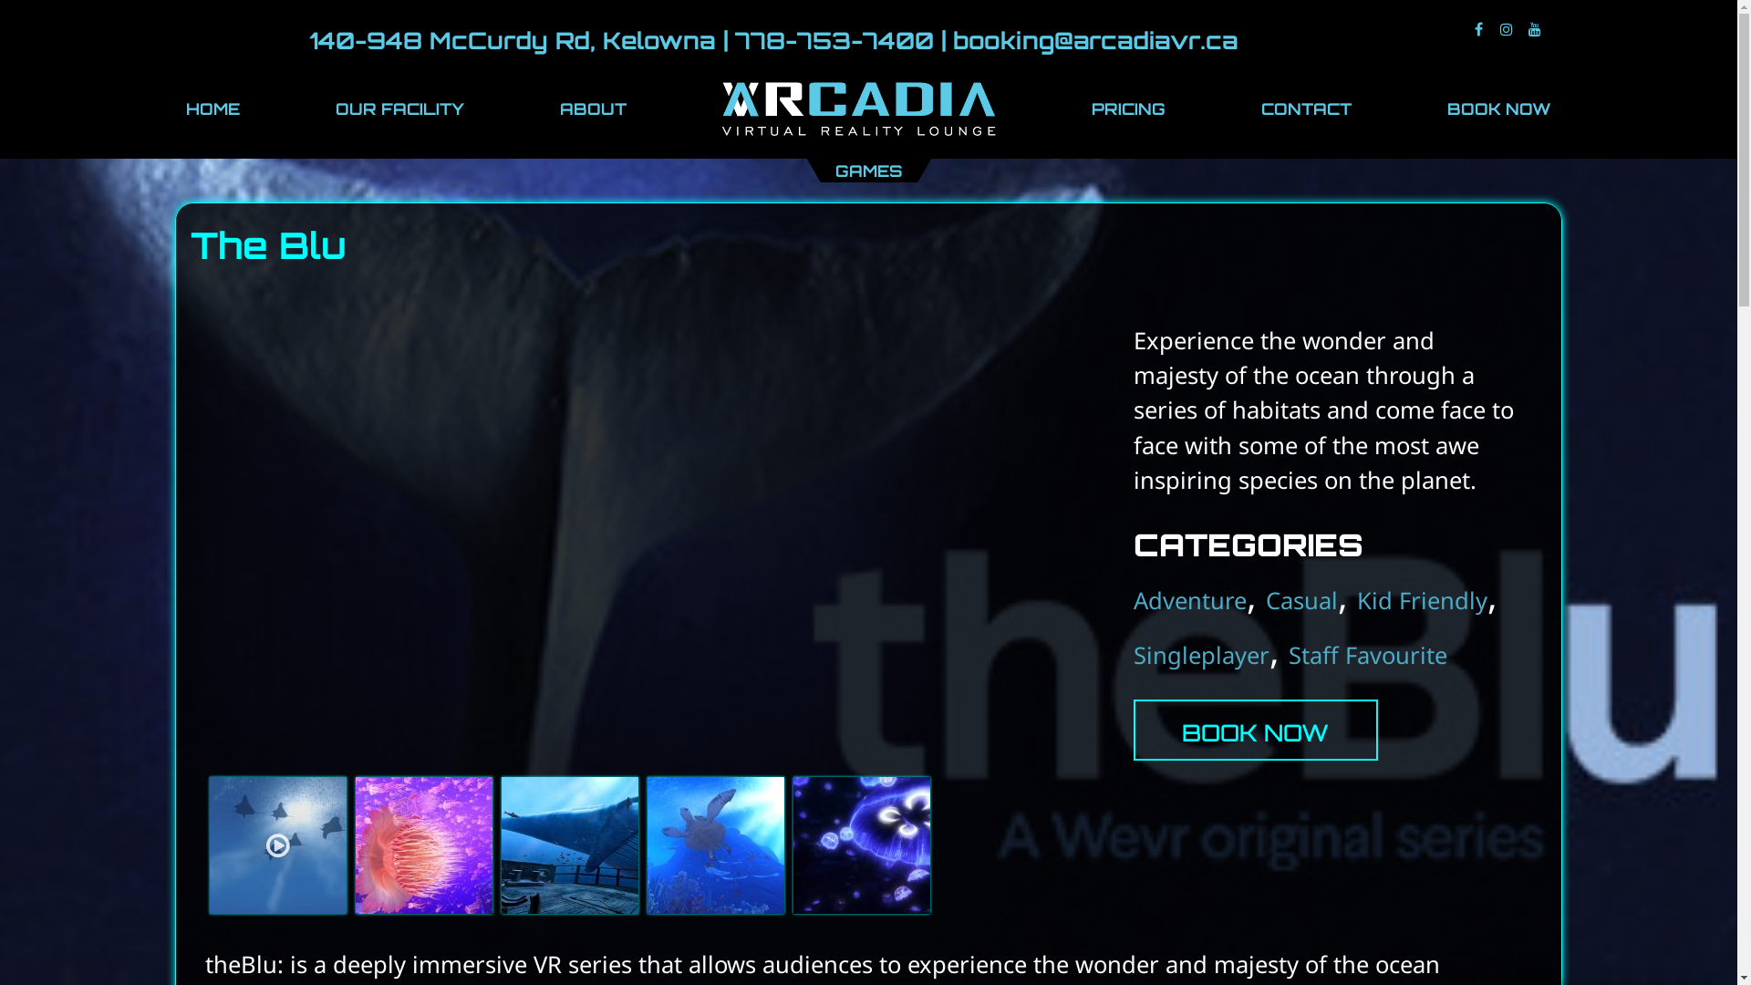 This screenshot has width=1751, height=985. What do you see at coordinates (511, 39) in the screenshot?
I see `'140-948 McCurdy Rd, Kelowna'` at bounding box center [511, 39].